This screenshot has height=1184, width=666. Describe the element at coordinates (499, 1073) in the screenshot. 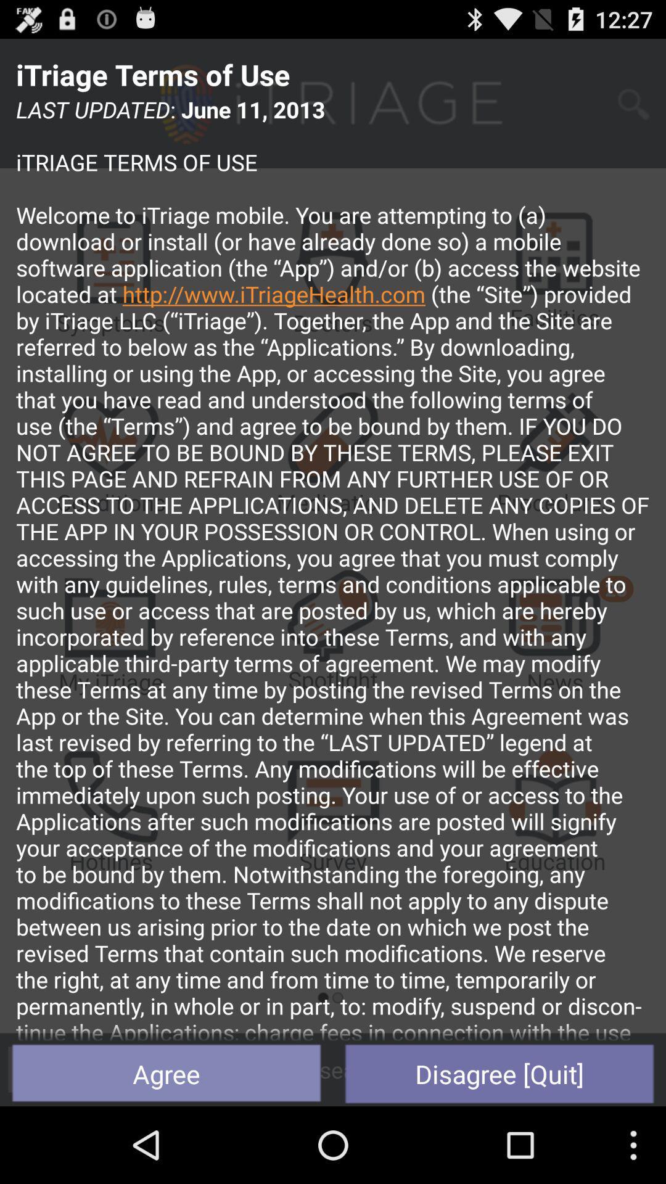

I see `item below last updated june` at that location.